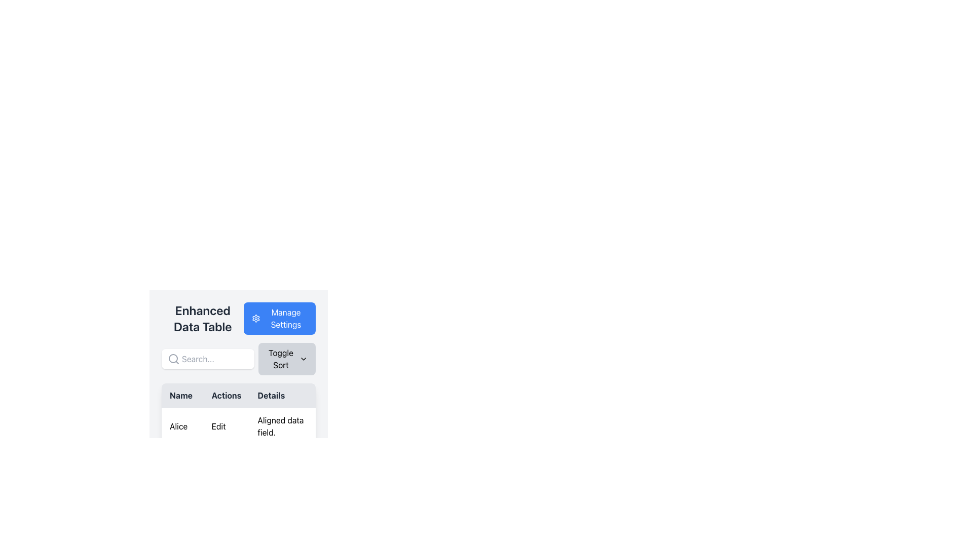  Describe the element at coordinates (182, 395) in the screenshot. I see `the 'Name' header text label in the table, which is the first item in a three-column header row labeled 'Actions' and 'Details'` at that location.